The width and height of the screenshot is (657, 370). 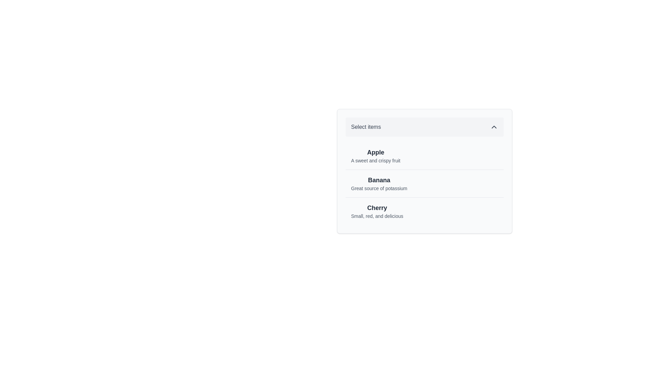 What do you see at coordinates (365, 127) in the screenshot?
I see `the text label displaying 'Select items' which is part of a dropdown header with a light gray background and rounded corners, located to the left of a chevron-up icon` at bounding box center [365, 127].